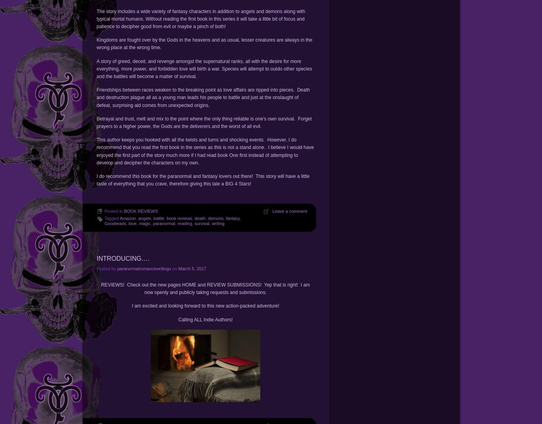 This screenshot has width=542, height=424. What do you see at coordinates (112, 218) in the screenshot?
I see `'Tagged'` at bounding box center [112, 218].